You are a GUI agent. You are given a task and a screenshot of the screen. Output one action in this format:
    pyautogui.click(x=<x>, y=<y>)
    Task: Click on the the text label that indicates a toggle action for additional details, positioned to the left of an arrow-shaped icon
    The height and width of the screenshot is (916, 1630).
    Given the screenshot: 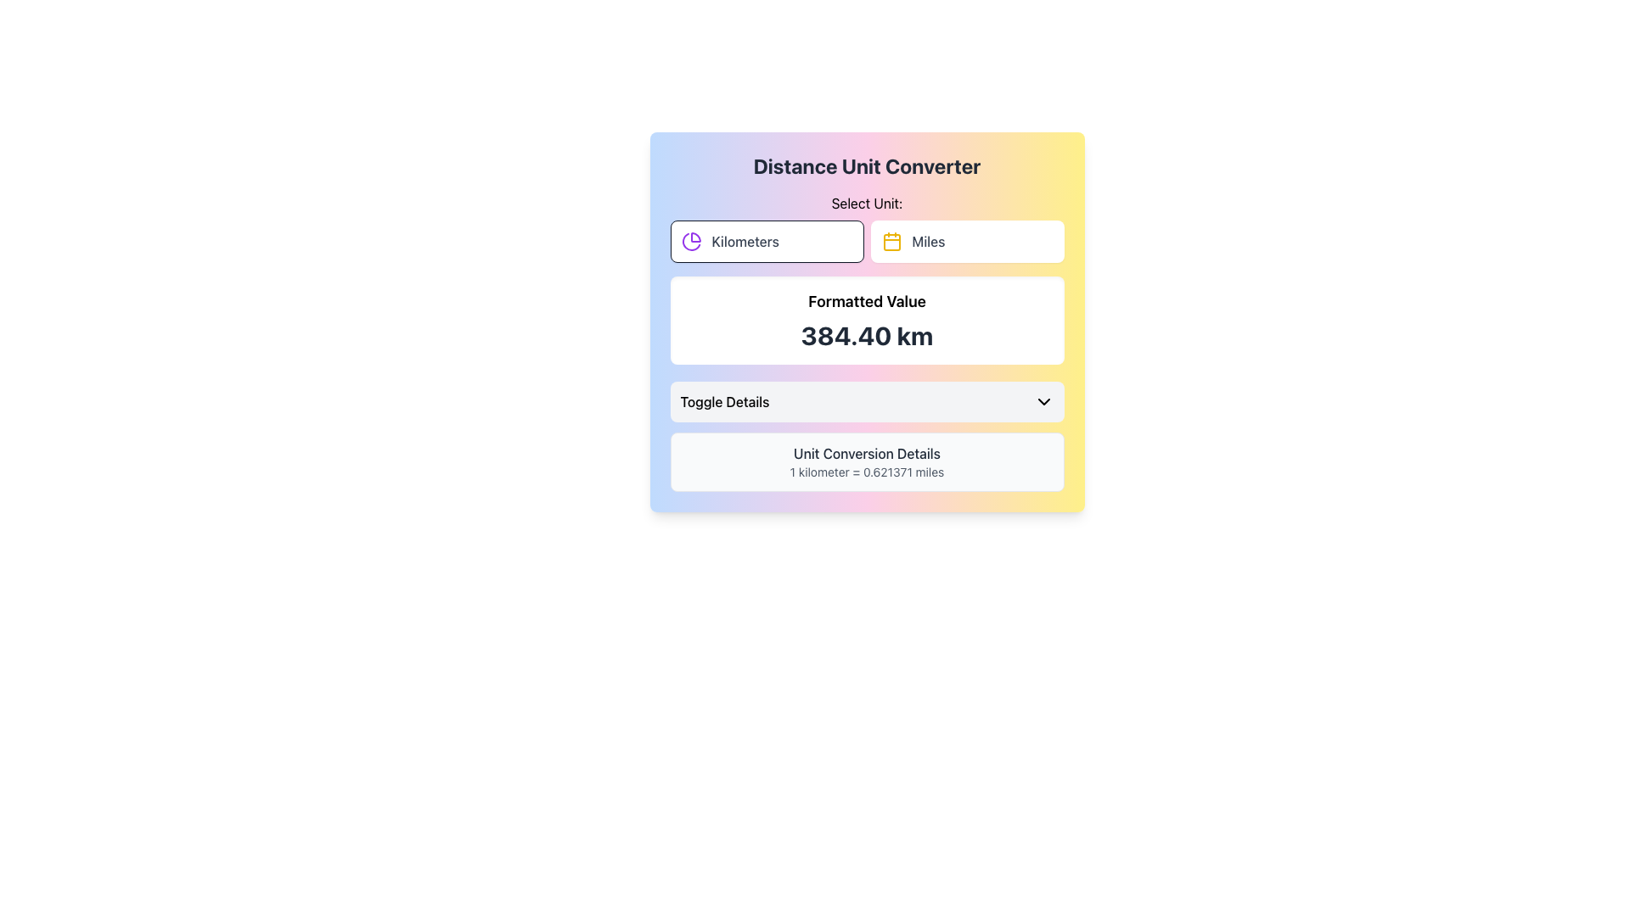 What is the action you would take?
    pyautogui.click(x=725, y=402)
    